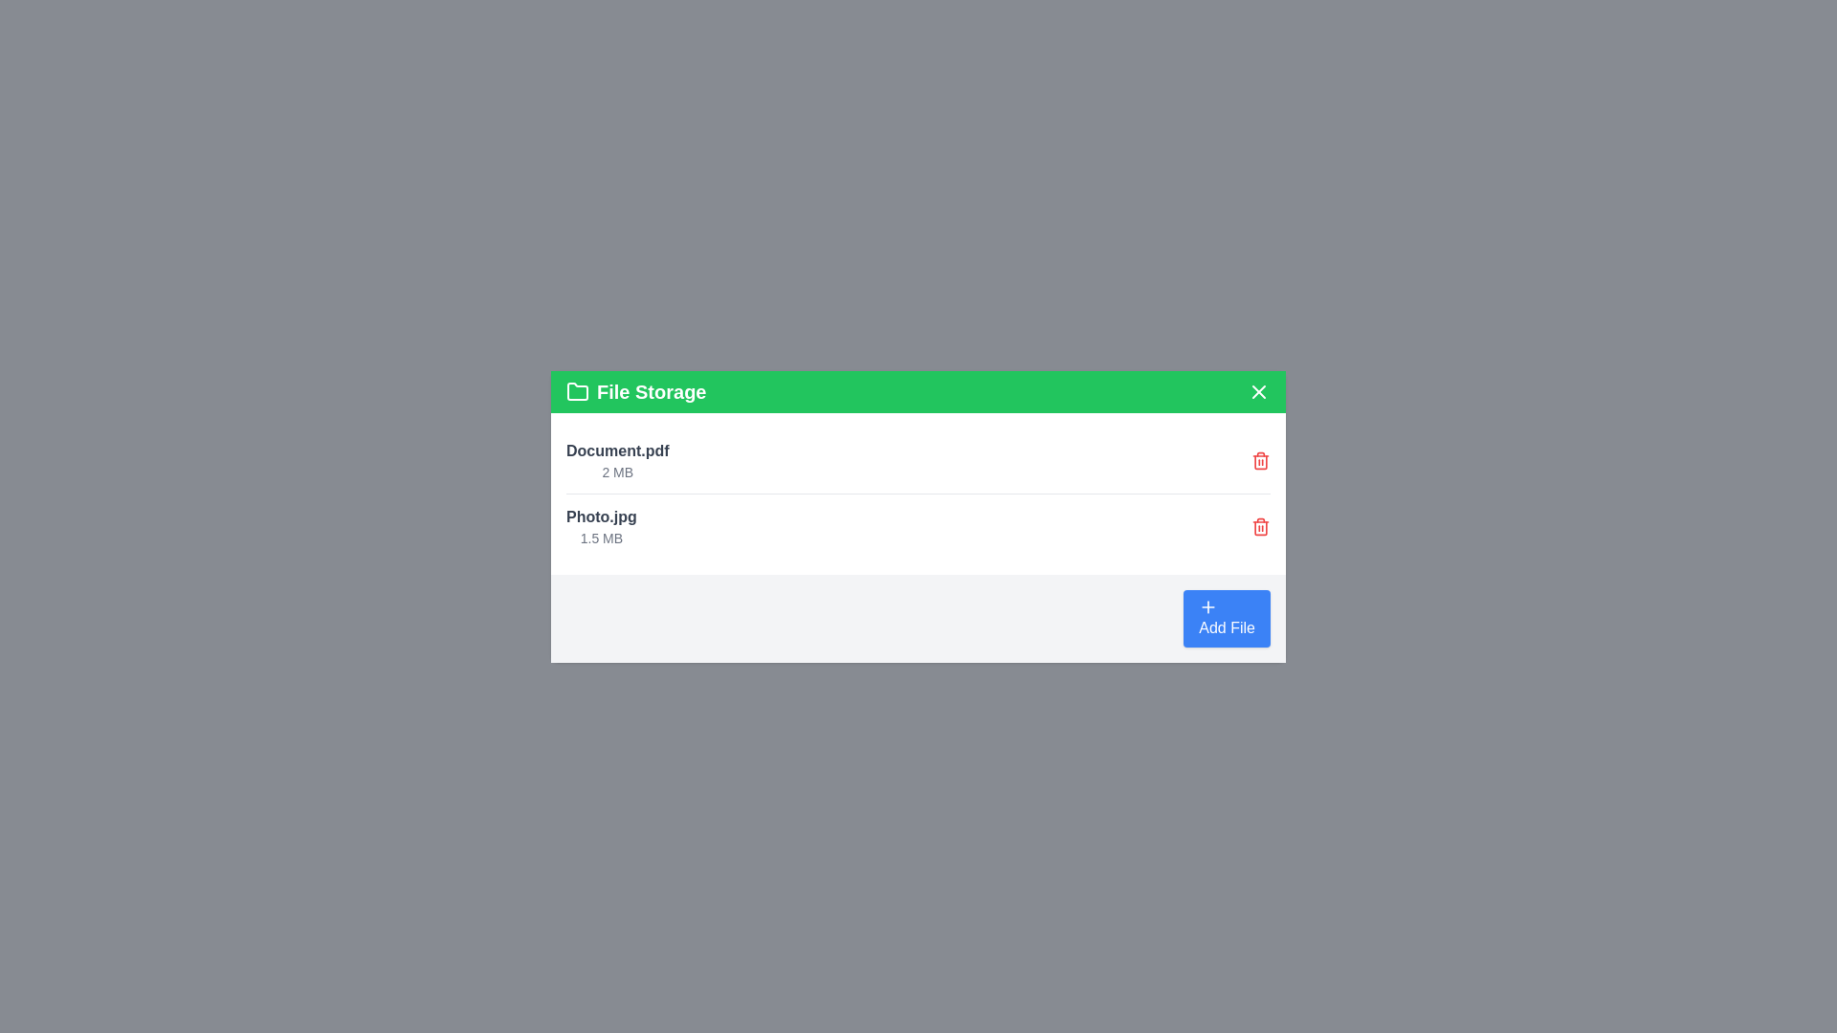 This screenshot has height=1033, width=1837. I want to click on the close button in the top-right corner of the File Storage dialog, so click(1258, 389).